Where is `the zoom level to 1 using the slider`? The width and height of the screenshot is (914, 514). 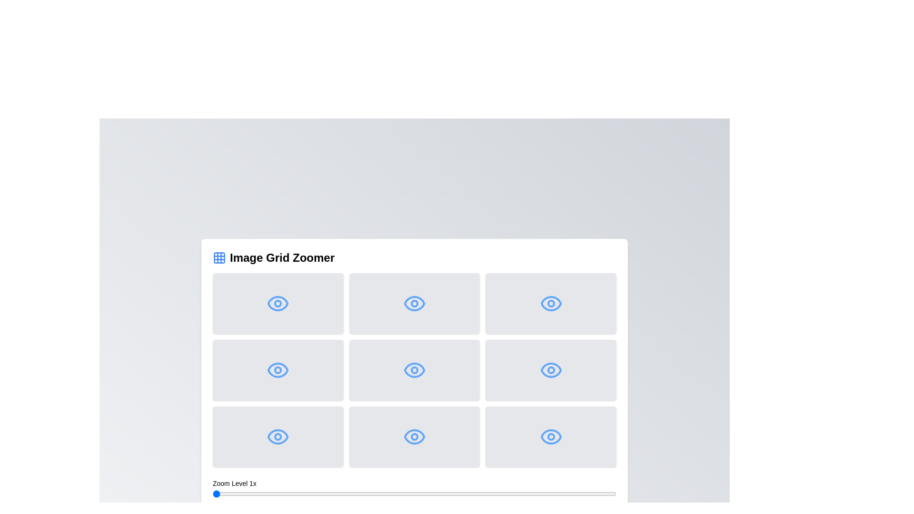 the zoom level to 1 using the slider is located at coordinates (212, 493).